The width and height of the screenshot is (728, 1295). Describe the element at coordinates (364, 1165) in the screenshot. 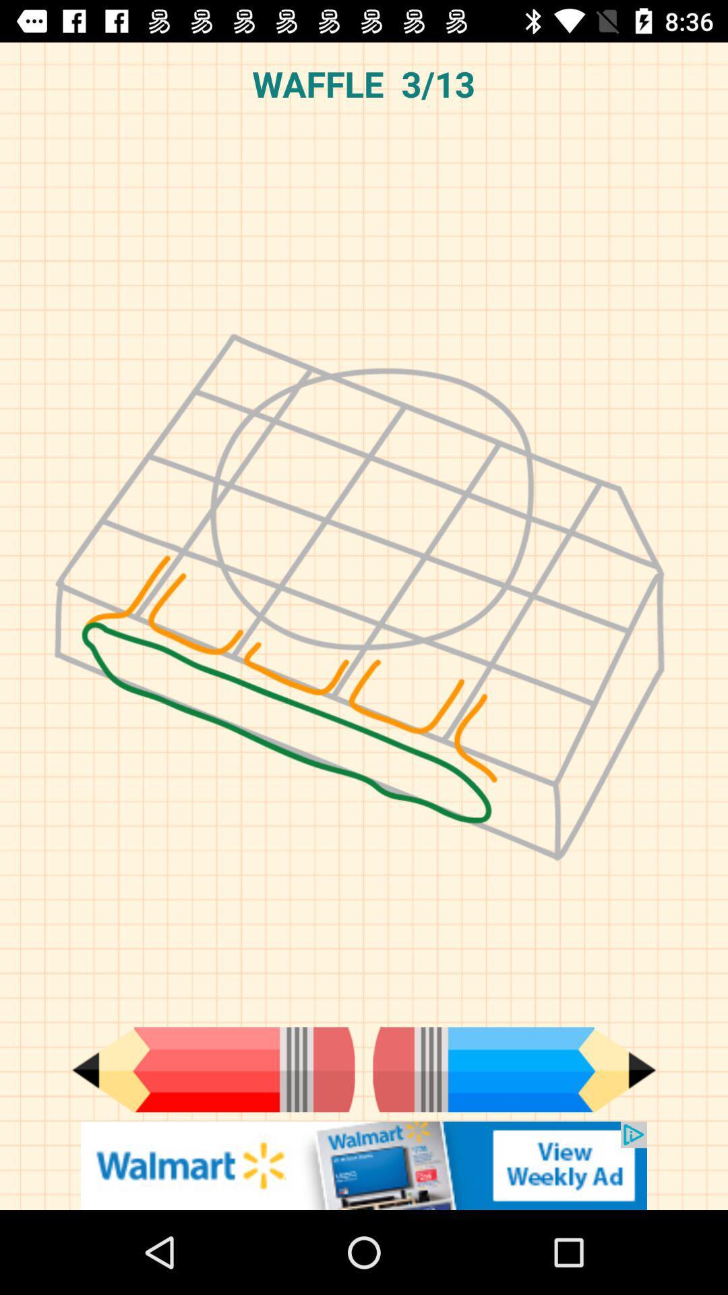

I see `walmart option` at that location.